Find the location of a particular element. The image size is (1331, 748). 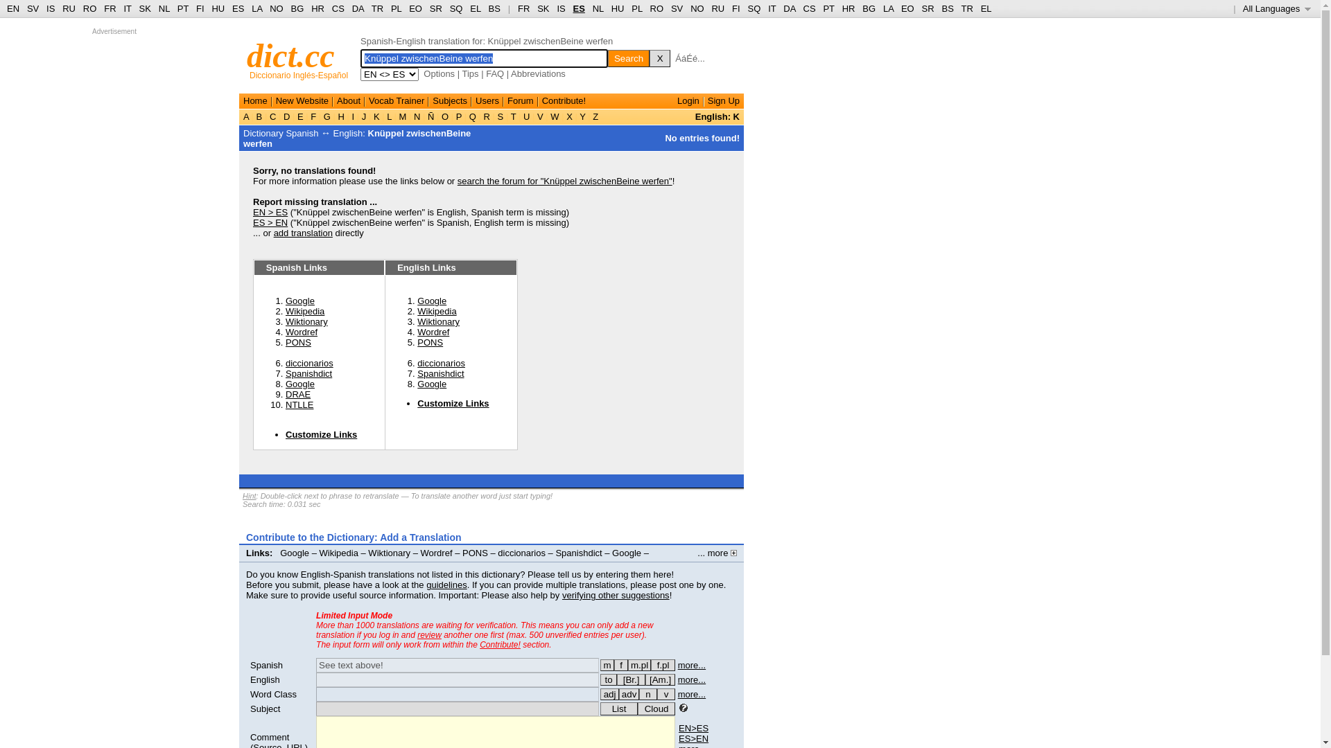

'W' is located at coordinates (548, 116).